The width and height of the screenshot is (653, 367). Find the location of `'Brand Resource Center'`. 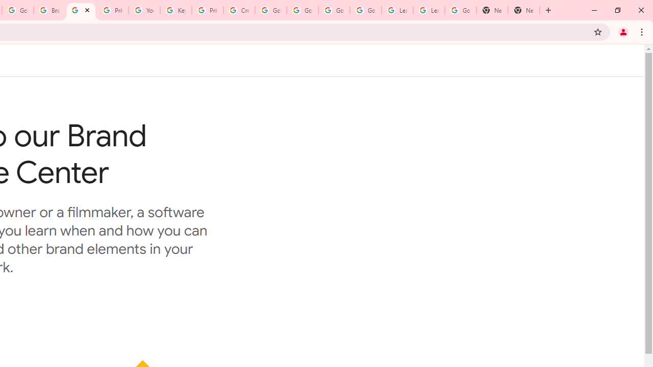

'Brand Resource Center' is located at coordinates (80, 10).